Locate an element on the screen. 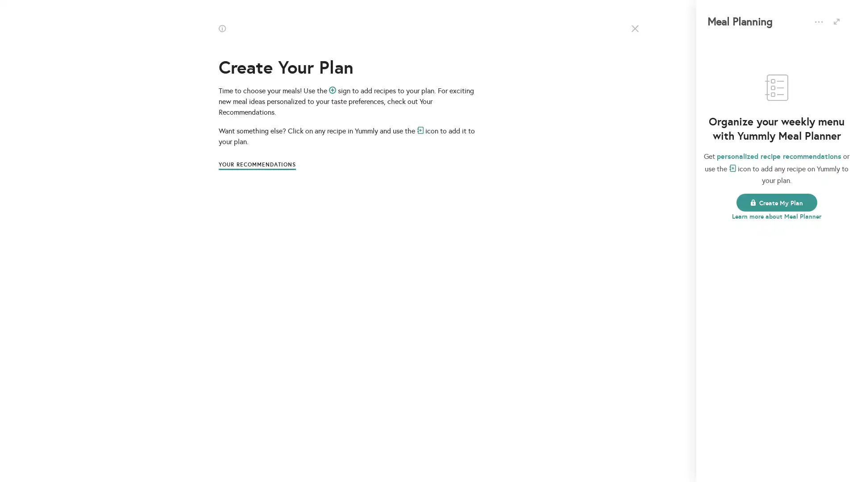 This screenshot has width=857, height=482. Next Step is located at coordinates (428, 311).